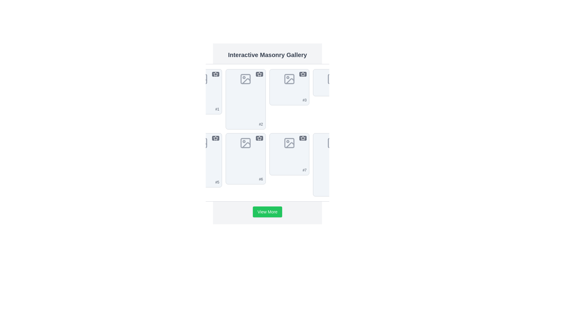  What do you see at coordinates (289, 87) in the screenshot?
I see `the card located` at bounding box center [289, 87].